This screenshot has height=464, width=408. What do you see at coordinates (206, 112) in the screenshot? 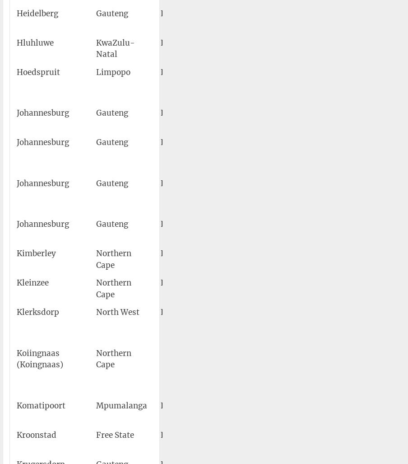
I see `'GCJ'` at bounding box center [206, 112].